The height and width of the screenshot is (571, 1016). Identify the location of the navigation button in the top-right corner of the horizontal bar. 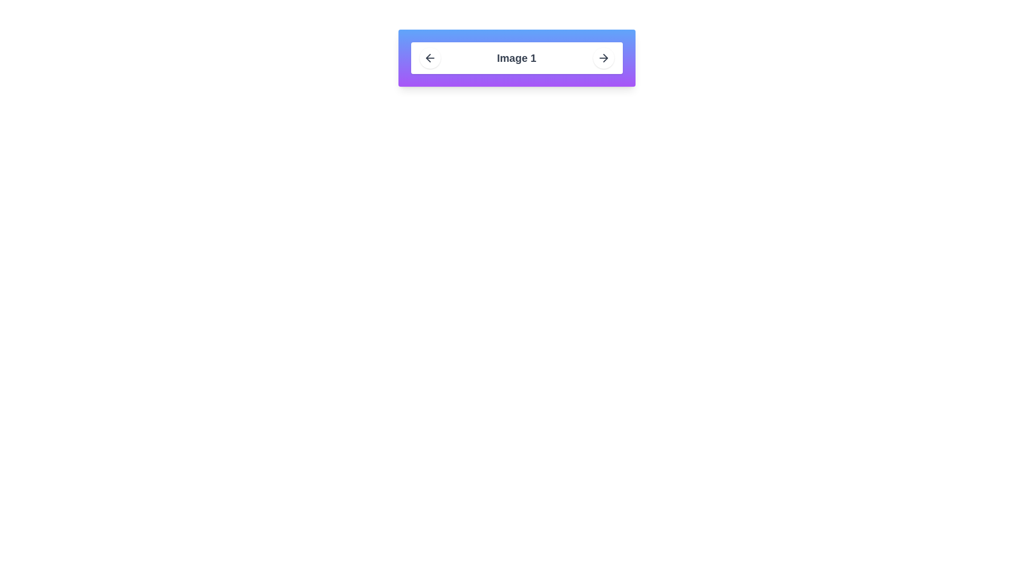
(603, 58).